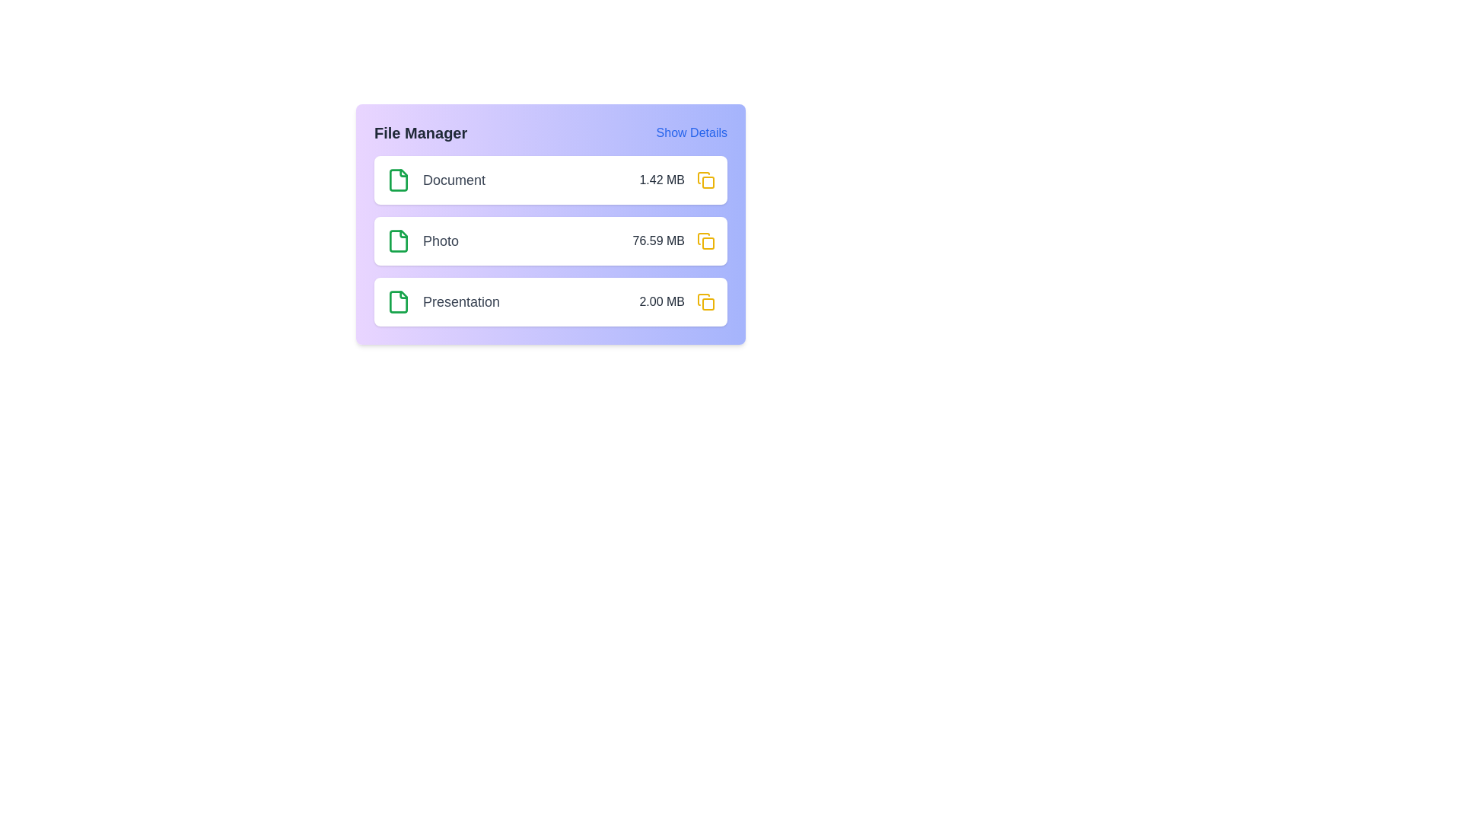  Describe the element at coordinates (708, 181) in the screenshot. I see `the decorative square graphical element positioned to the right of the 'Document' list item in the file management interface` at that location.